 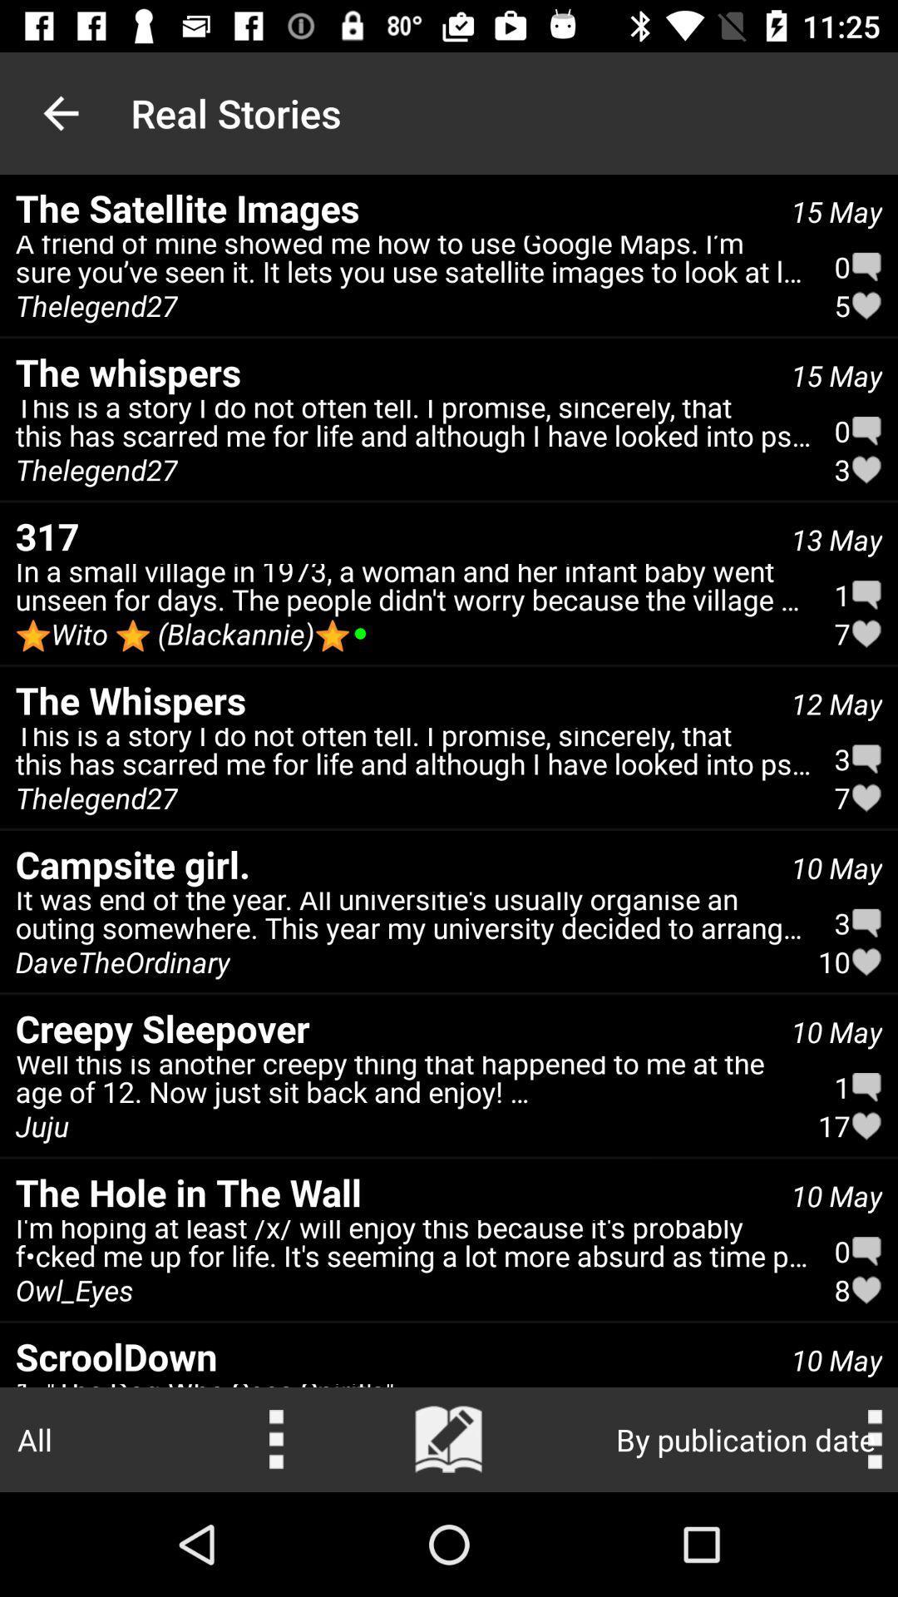 I want to click on escrever uma nova histria, so click(x=449, y=1439).